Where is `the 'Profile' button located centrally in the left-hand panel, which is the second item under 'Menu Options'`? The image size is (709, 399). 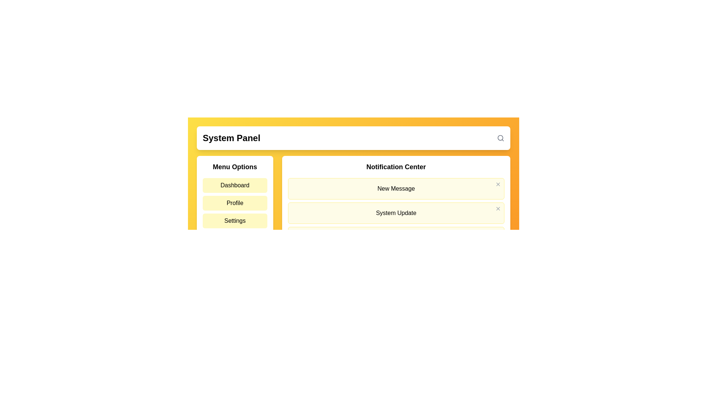 the 'Profile' button located centrally in the left-hand panel, which is the second item under 'Menu Options' is located at coordinates (234, 203).